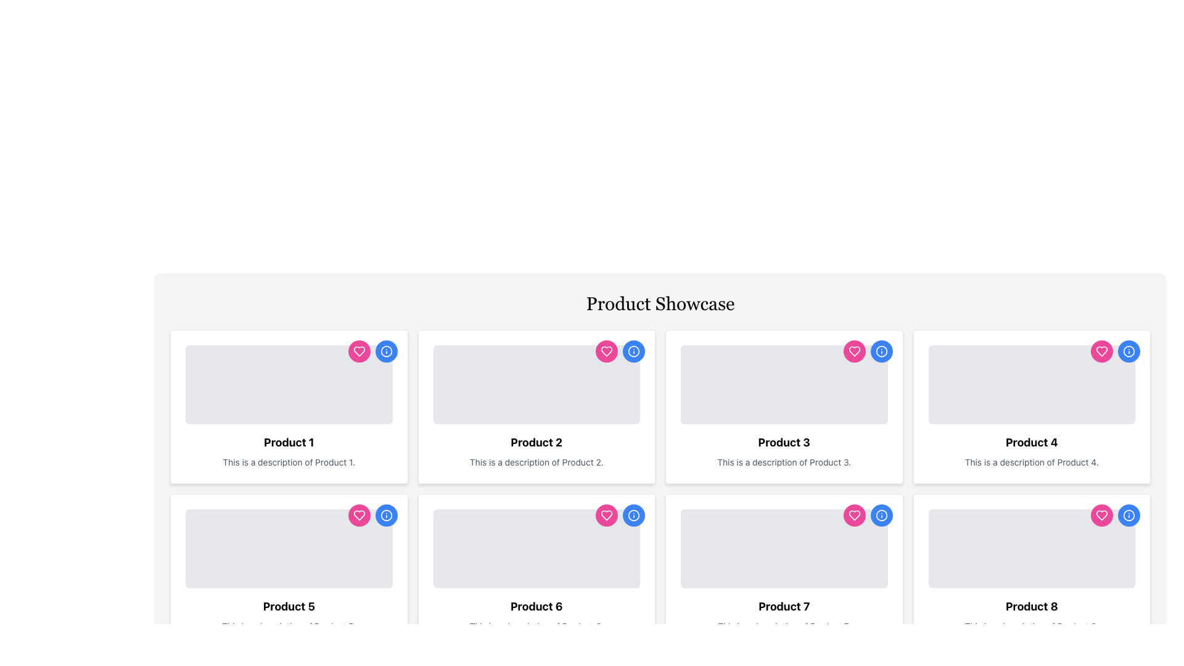  Describe the element at coordinates (288, 606) in the screenshot. I see `product name displayed in the text label located in the middle column of the second row of the grid layout, positioned below the image placeholder and above the descriptive text` at that location.